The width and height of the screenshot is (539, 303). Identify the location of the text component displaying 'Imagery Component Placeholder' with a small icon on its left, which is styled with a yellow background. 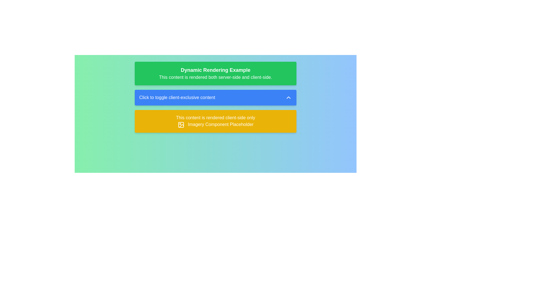
(215, 124).